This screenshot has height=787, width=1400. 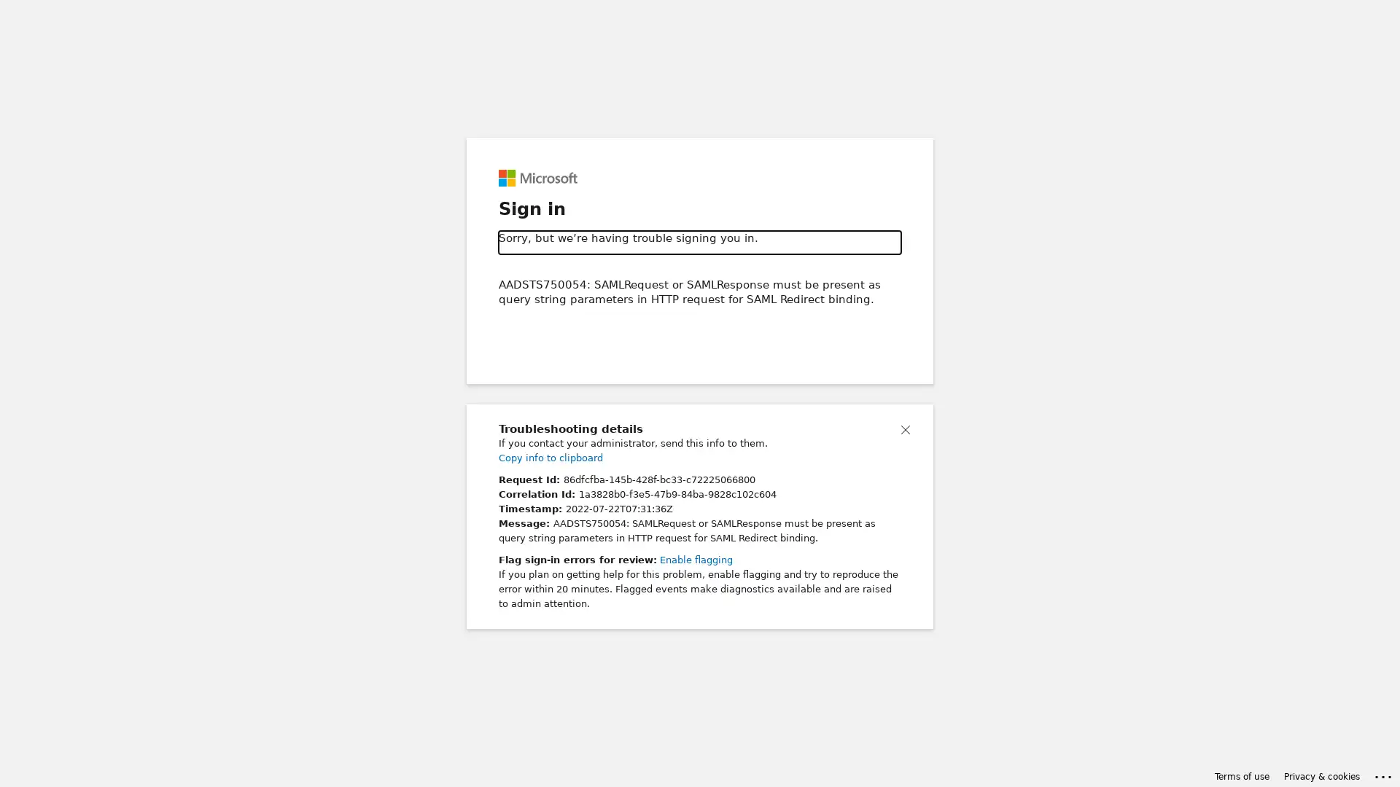 What do you see at coordinates (1383, 774) in the screenshot?
I see `Click here for troubleshooting information` at bounding box center [1383, 774].